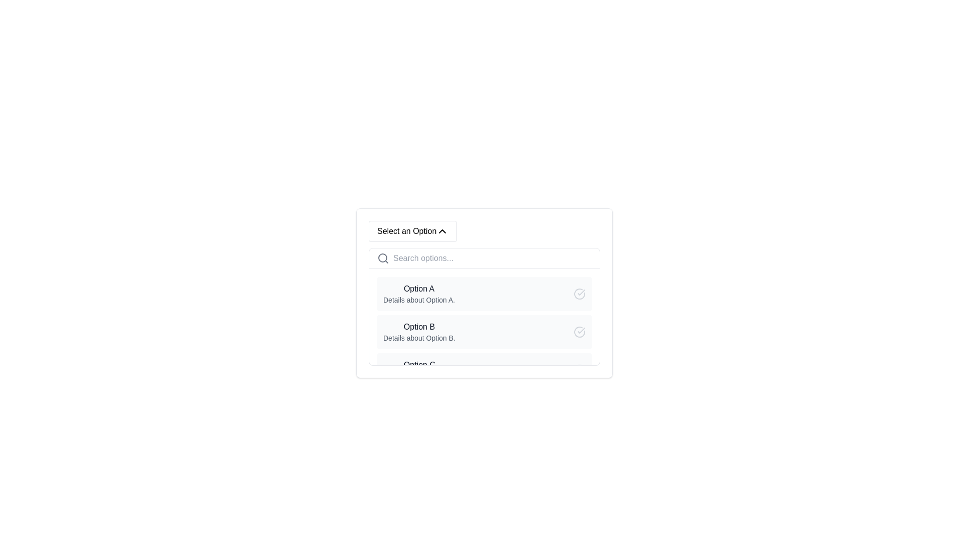 Image resolution: width=962 pixels, height=541 pixels. What do you see at coordinates (581, 330) in the screenshot?
I see `the checkmark icon in the second option of the dropdown list, which indicates selection or verification` at bounding box center [581, 330].